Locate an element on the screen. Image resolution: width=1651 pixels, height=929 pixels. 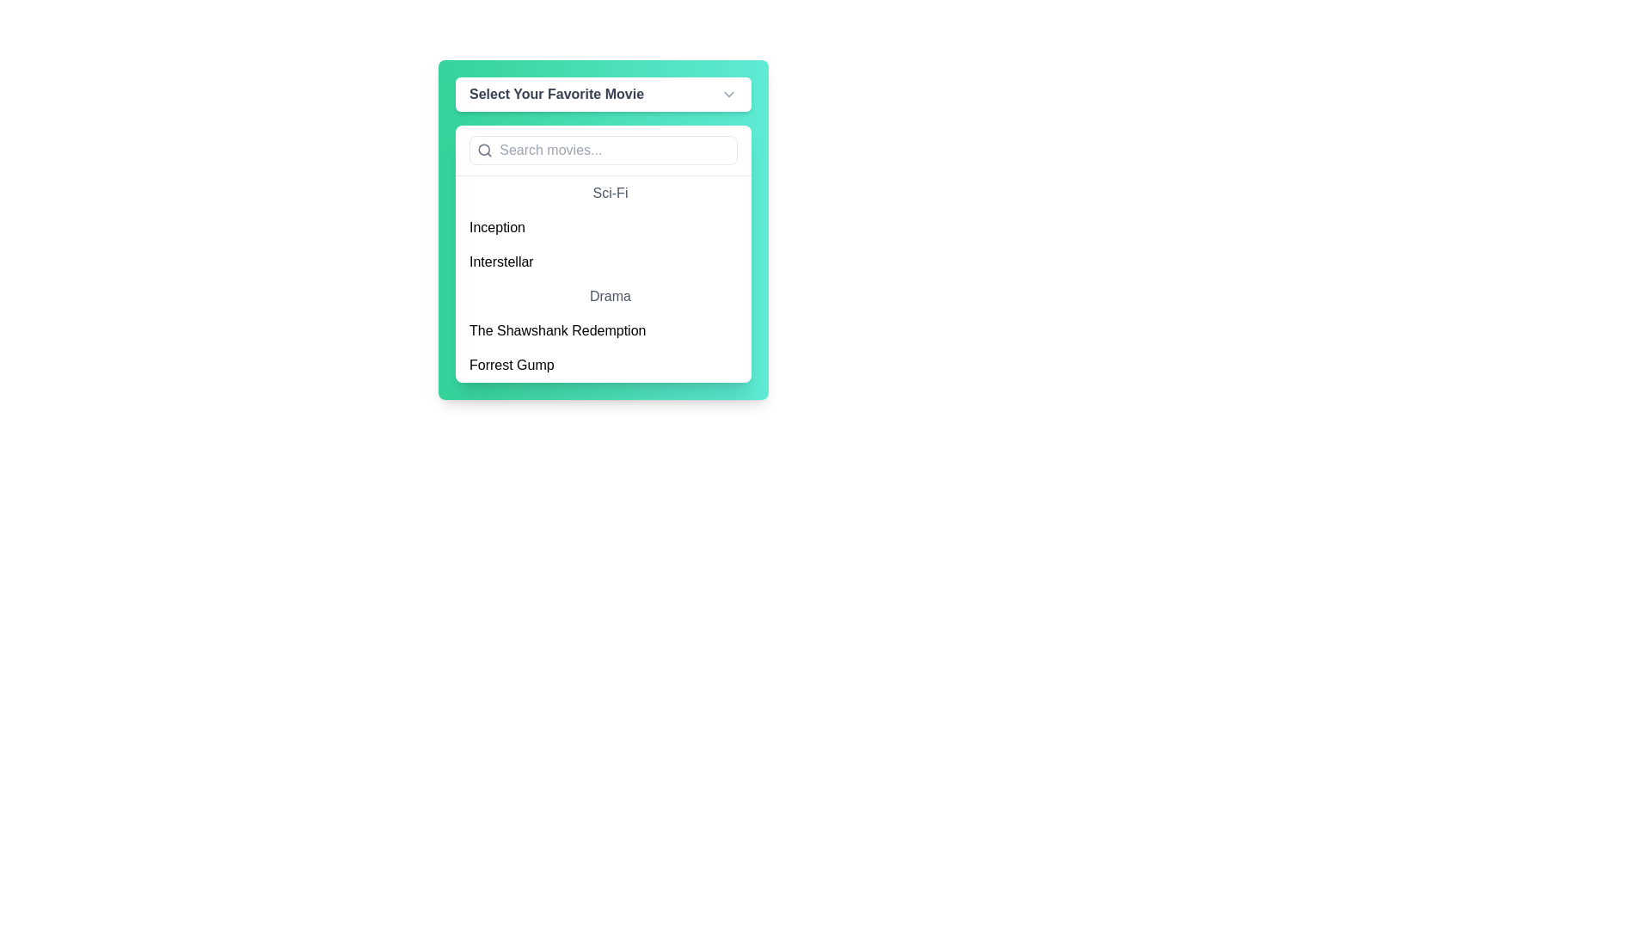
the selectable option for the movie 'The Shawshank Redemption' in the dropdown list, which is the first option under the 'Drama' category is located at coordinates (603, 331).